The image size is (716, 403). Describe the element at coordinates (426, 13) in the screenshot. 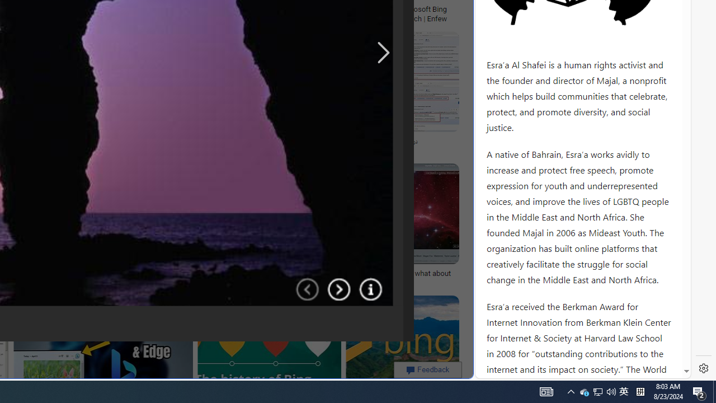

I see `'Microsoft Bing Search | Enfew'` at that location.